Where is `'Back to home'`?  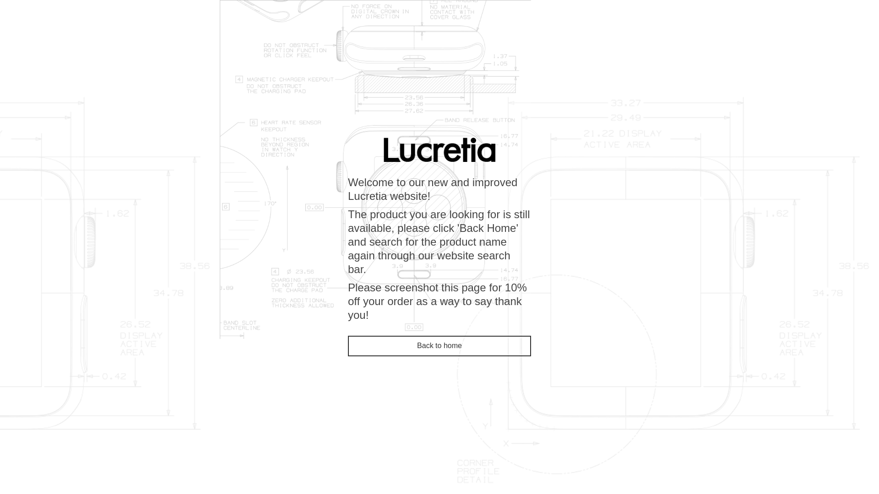 'Back to home' is located at coordinates (439, 346).